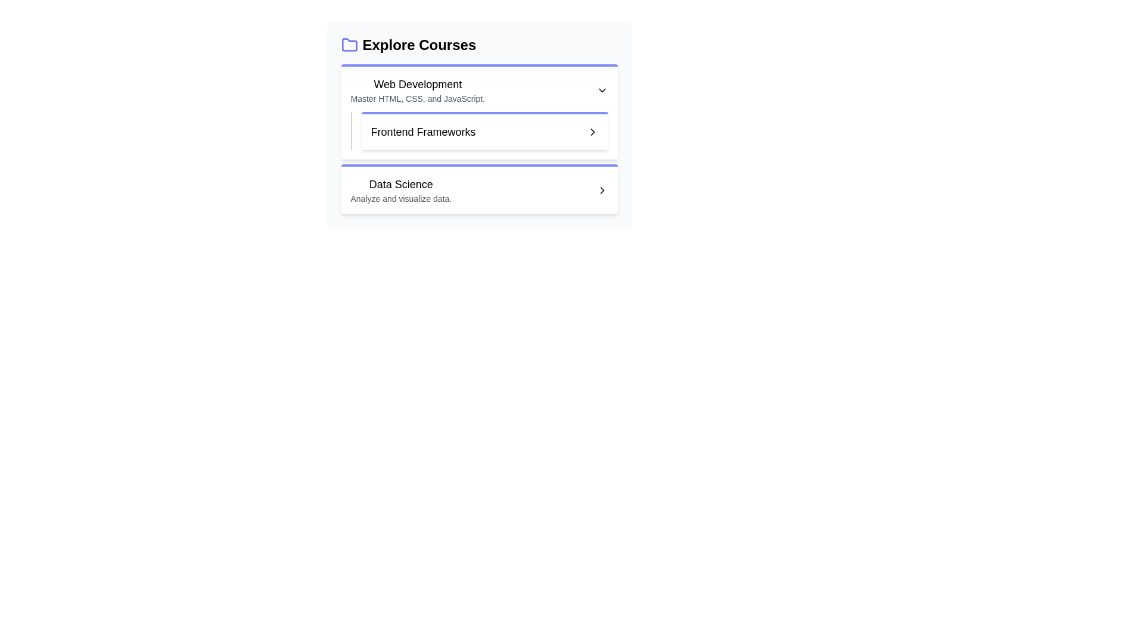  Describe the element at coordinates (401, 184) in the screenshot. I see `the 'Data Science' text label, which is a prominent title in bold formatting` at that location.